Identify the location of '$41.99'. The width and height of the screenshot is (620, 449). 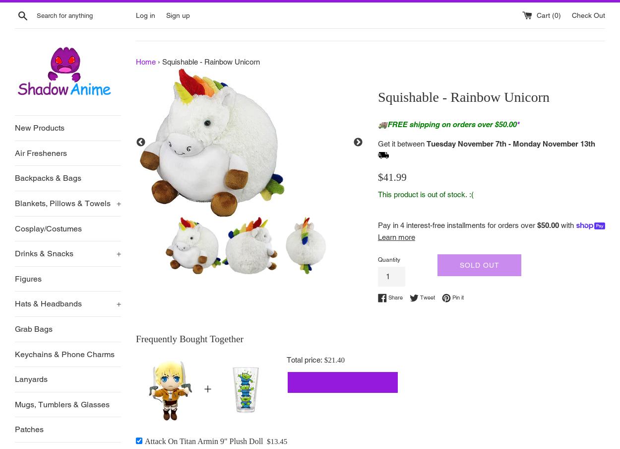
(392, 176).